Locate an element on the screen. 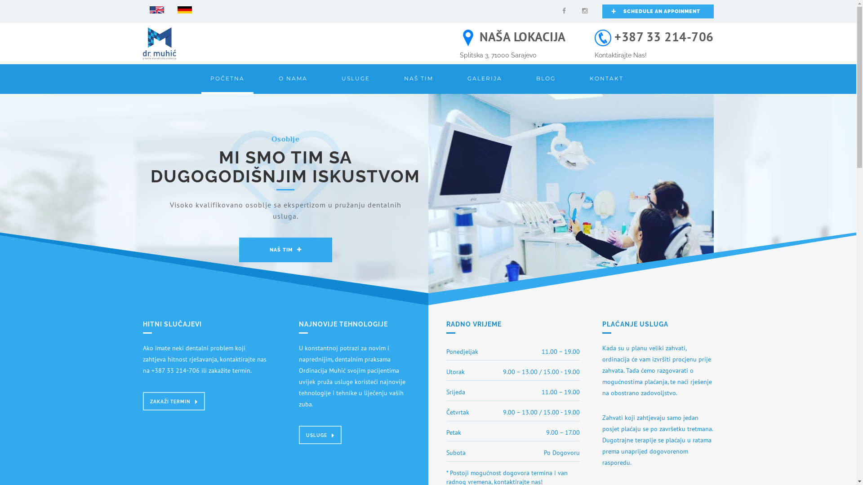 This screenshot has width=863, height=485. 'USLUGE' is located at coordinates (355, 79).